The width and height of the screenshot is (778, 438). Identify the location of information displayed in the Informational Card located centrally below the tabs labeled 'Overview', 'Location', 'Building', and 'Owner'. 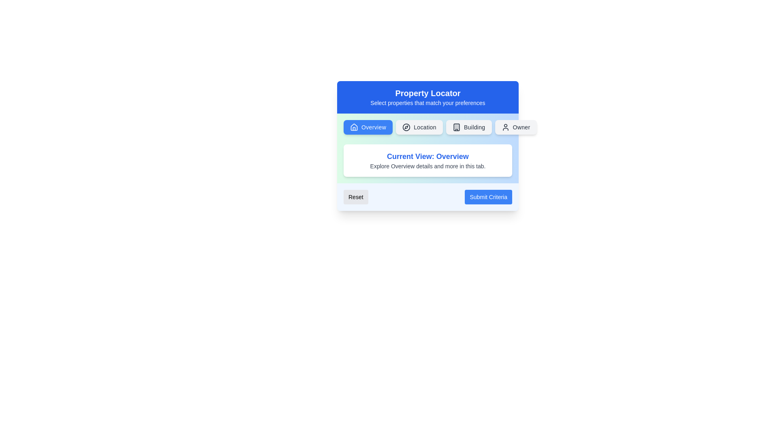
(427, 161).